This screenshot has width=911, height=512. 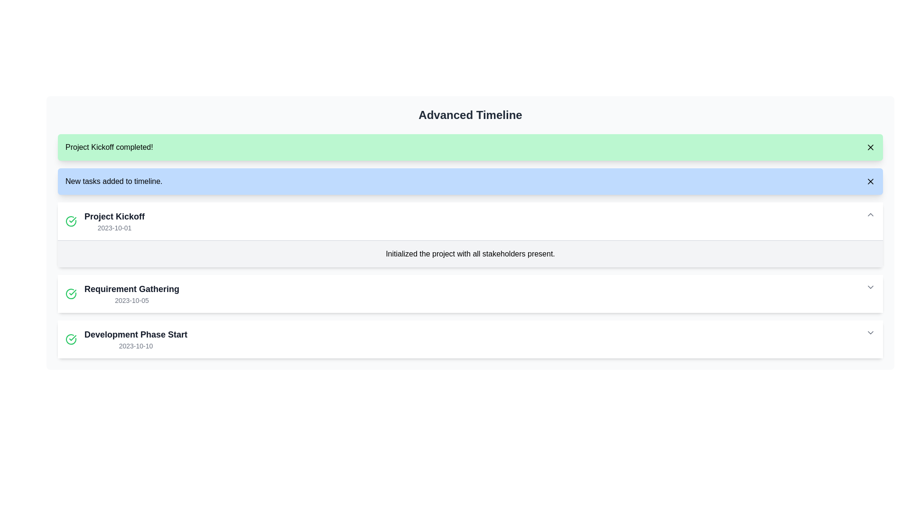 I want to click on the static text label displaying the date '2023-10-05', which is positioned under the title 'Requirement Gathering' in the timeline section, so click(x=131, y=300).